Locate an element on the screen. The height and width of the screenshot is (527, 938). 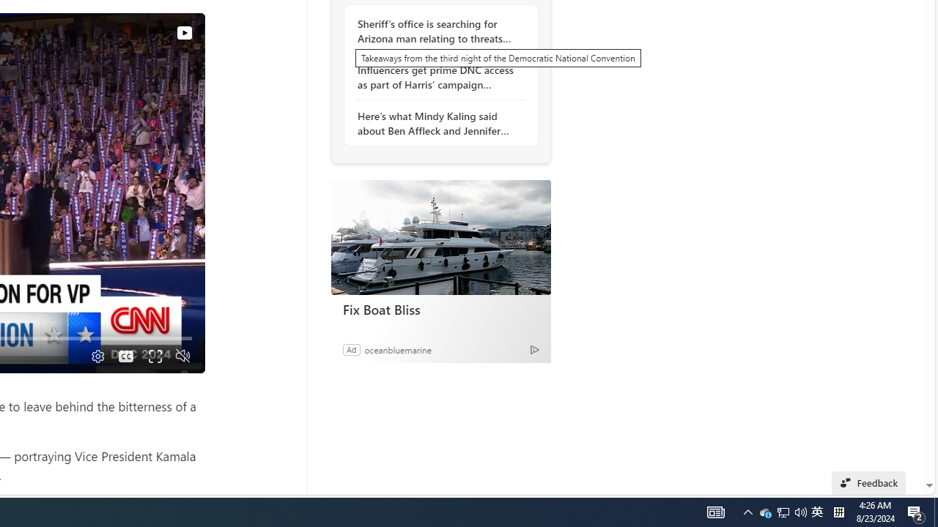
'Captions' is located at coordinates (125, 356).